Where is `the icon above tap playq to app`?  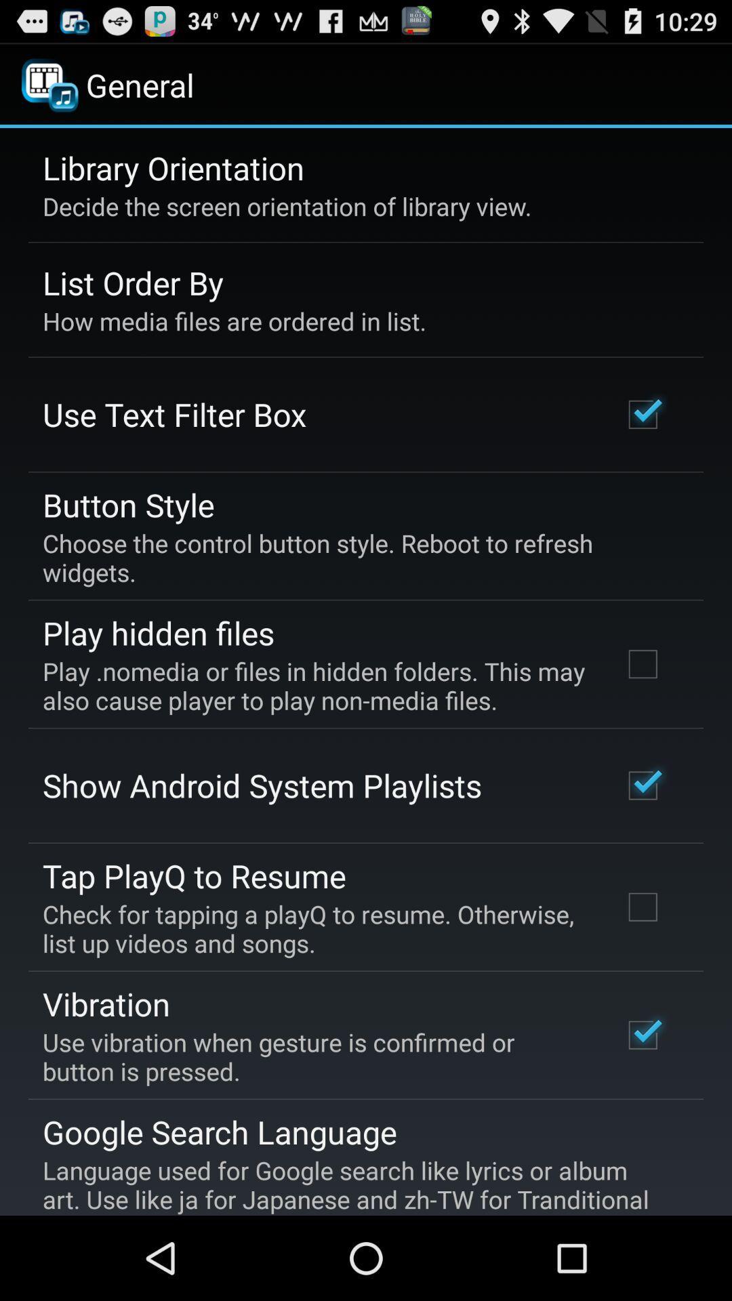
the icon above tap playq to app is located at coordinates (262, 785).